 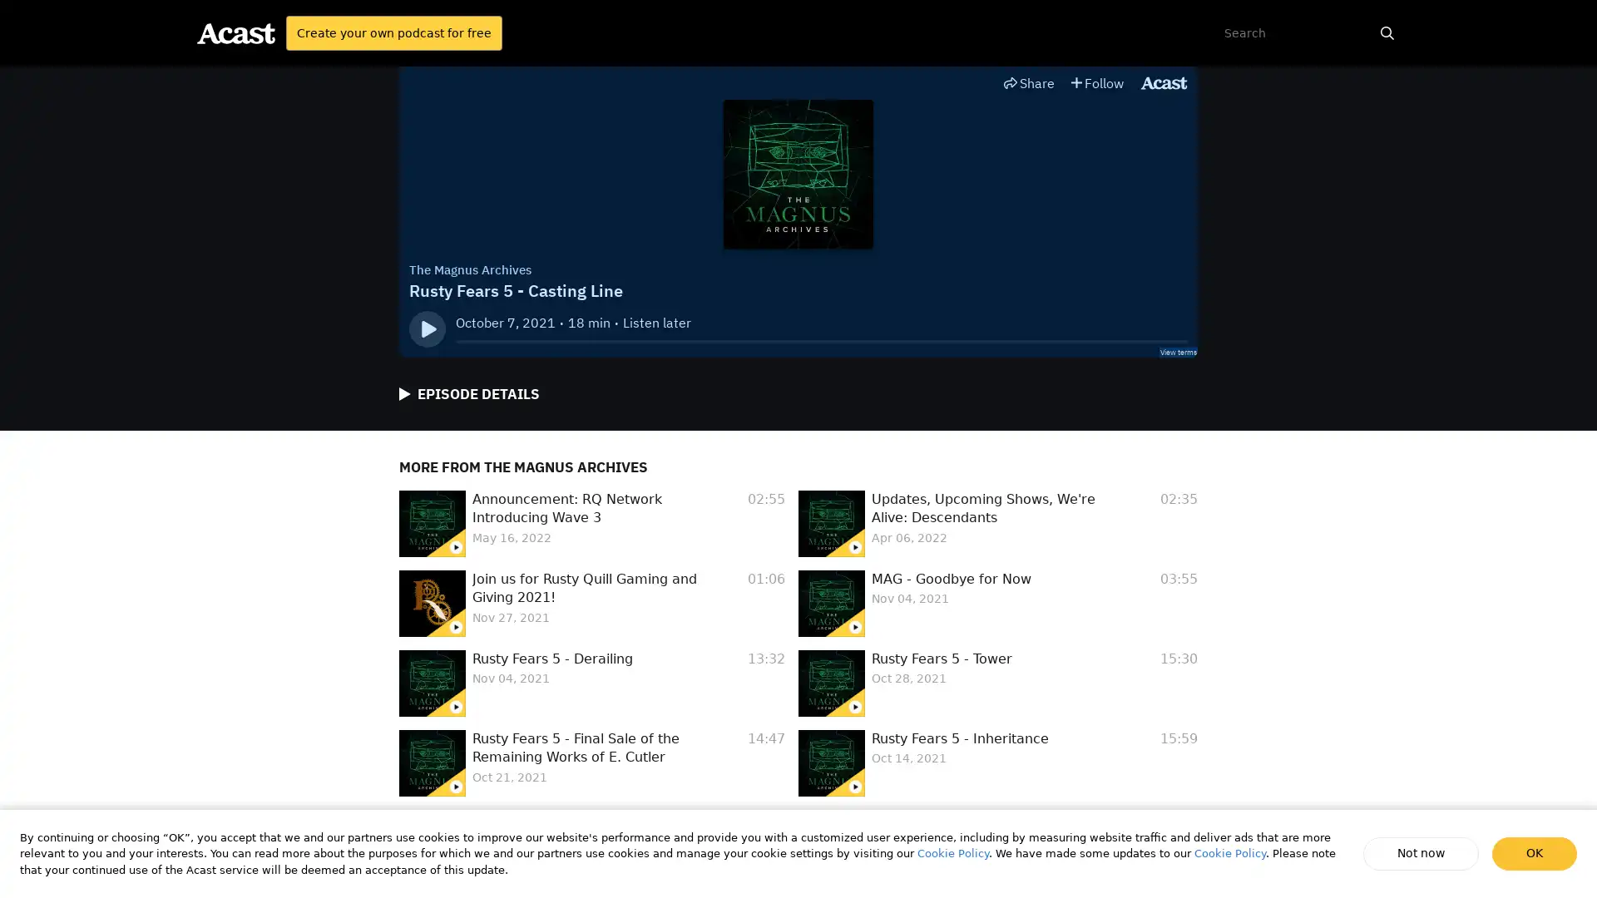 I want to click on OK, so click(x=1534, y=853).